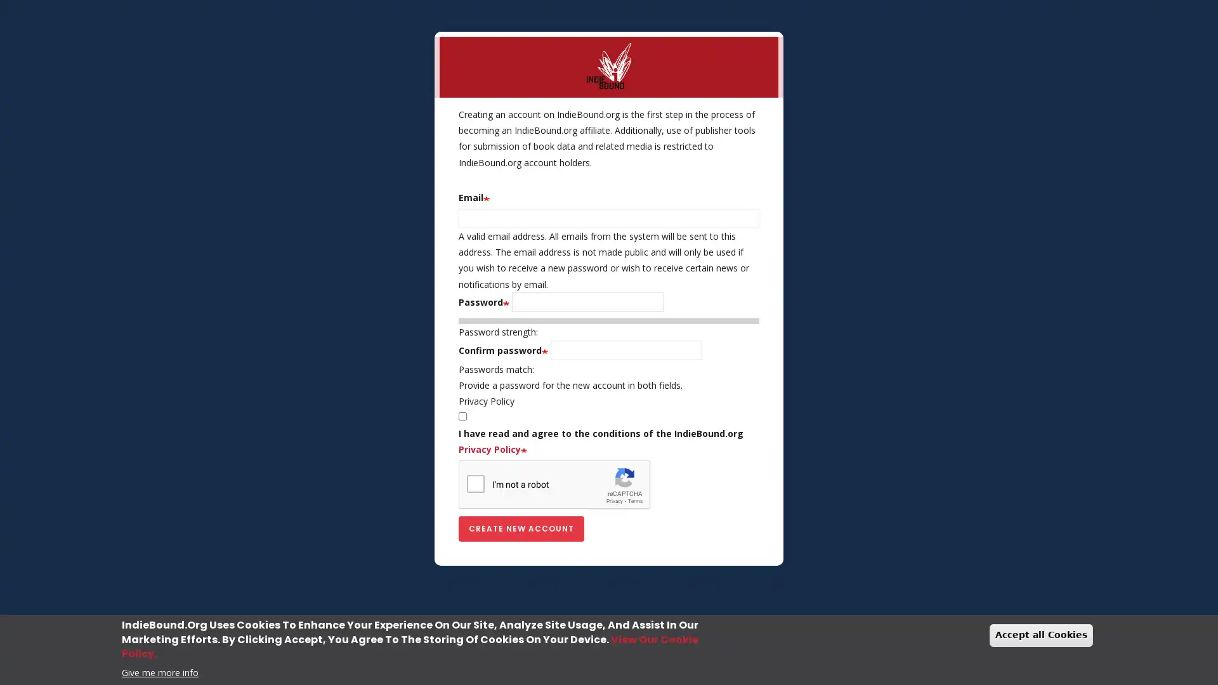 The width and height of the screenshot is (1218, 685). I want to click on Create new account, so click(521, 528).